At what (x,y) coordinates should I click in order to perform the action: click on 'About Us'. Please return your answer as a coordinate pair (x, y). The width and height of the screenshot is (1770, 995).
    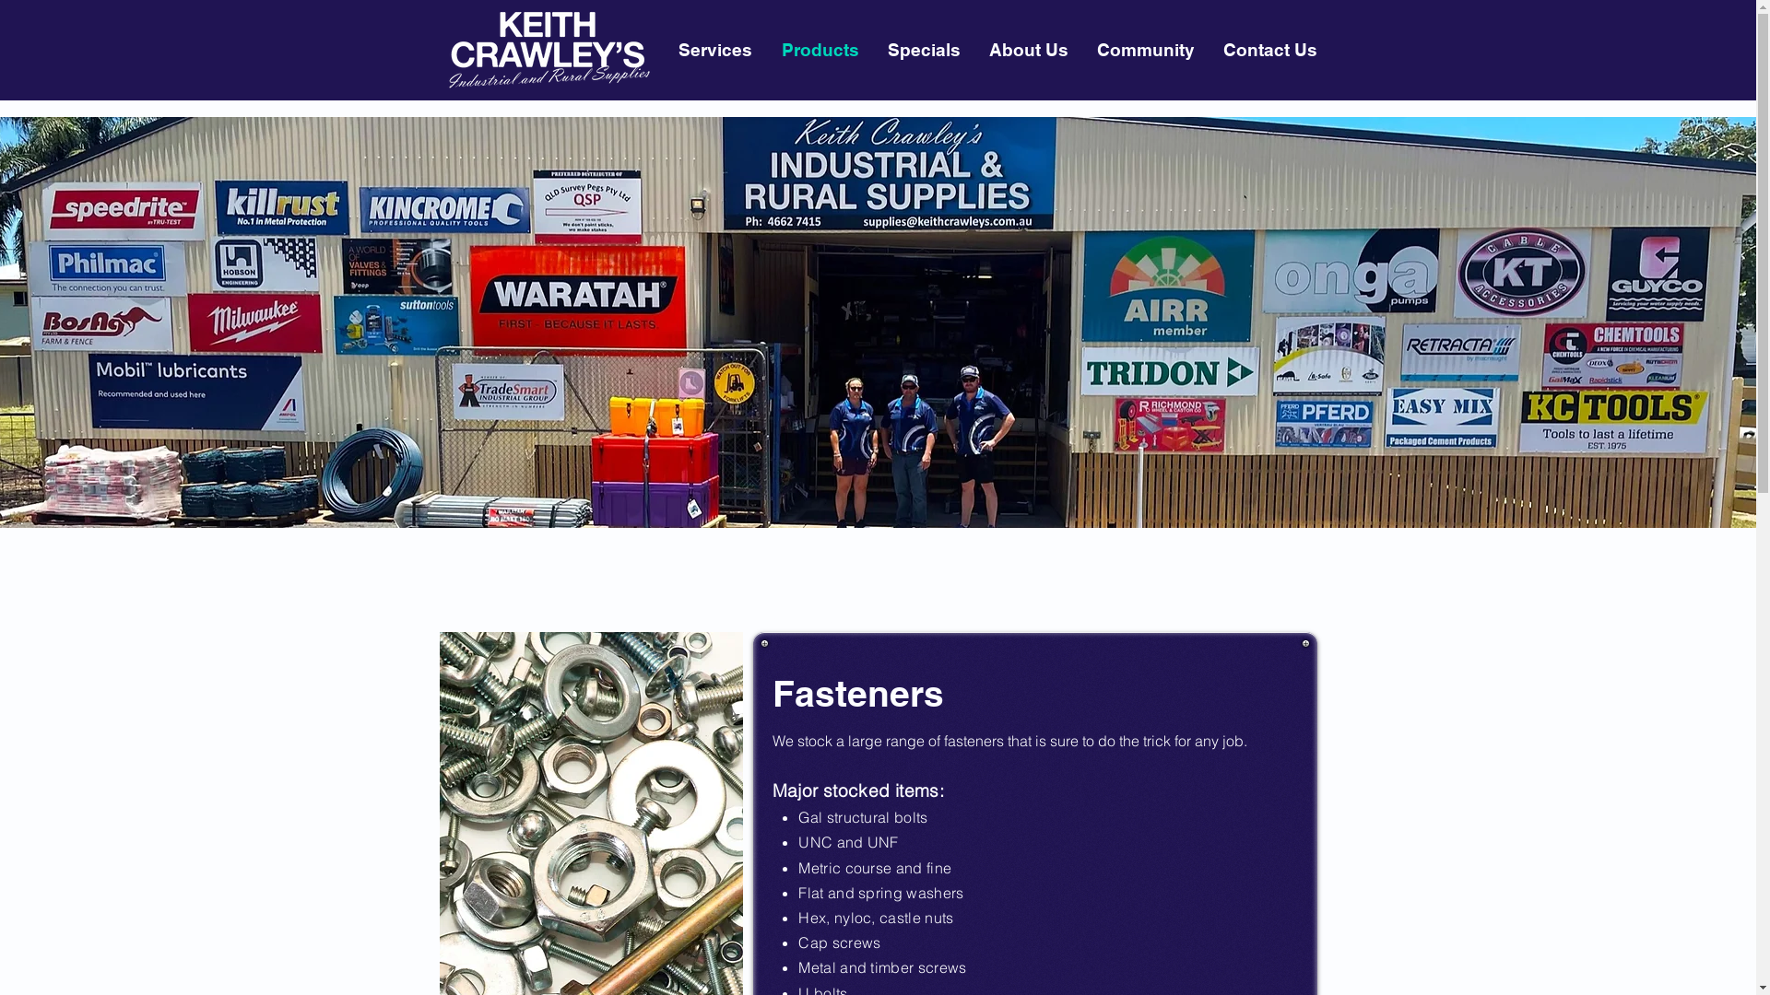
    Looking at the image, I should click on (1026, 49).